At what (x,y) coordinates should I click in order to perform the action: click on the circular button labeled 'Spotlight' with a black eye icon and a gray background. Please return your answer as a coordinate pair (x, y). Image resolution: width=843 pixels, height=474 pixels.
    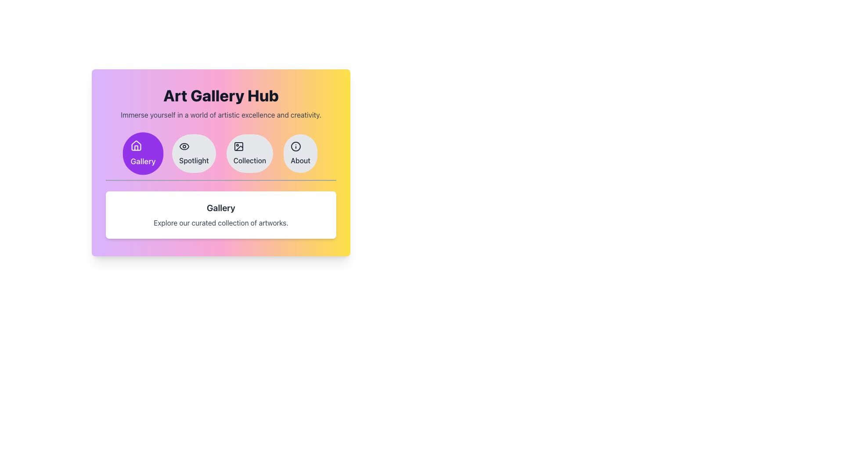
    Looking at the image, I should click on (193, 153).